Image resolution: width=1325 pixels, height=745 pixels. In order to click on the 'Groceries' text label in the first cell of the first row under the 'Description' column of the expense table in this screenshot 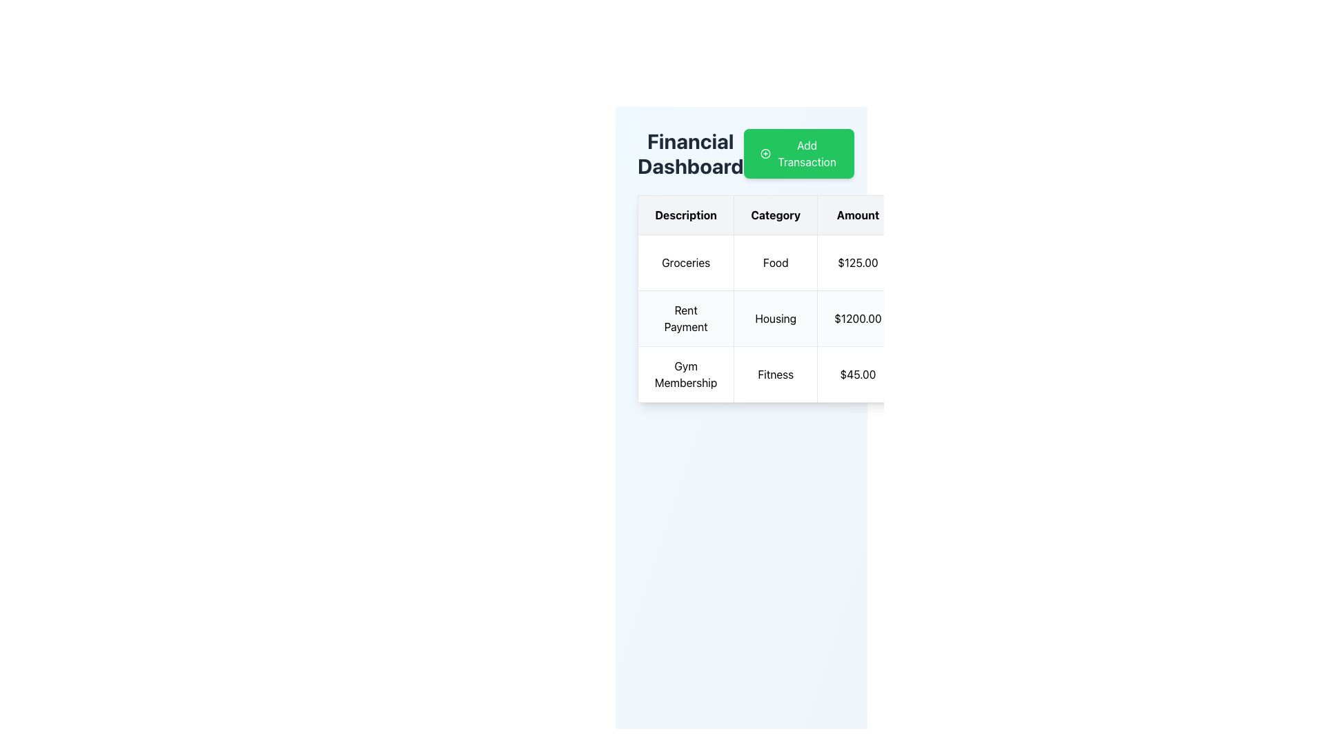, I will do `click(686, 263)`.